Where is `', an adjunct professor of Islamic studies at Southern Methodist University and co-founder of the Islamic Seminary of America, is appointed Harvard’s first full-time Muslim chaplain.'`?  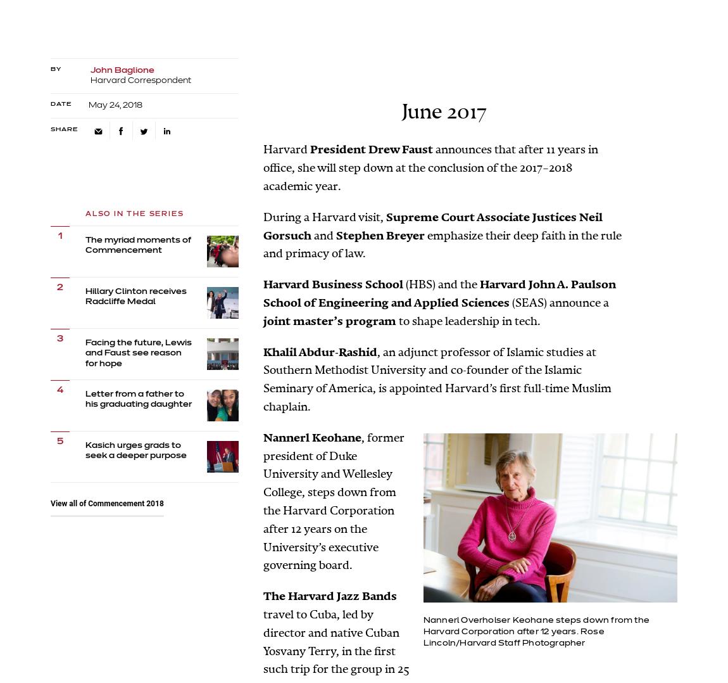
', an adjunct professor of Islamic studies at Southern Methodist University and co-founder of the Islamic Seminary of America, is appointed Harvard’s first full-time Muslim chaplain.' is located at coordinates (437, 379).